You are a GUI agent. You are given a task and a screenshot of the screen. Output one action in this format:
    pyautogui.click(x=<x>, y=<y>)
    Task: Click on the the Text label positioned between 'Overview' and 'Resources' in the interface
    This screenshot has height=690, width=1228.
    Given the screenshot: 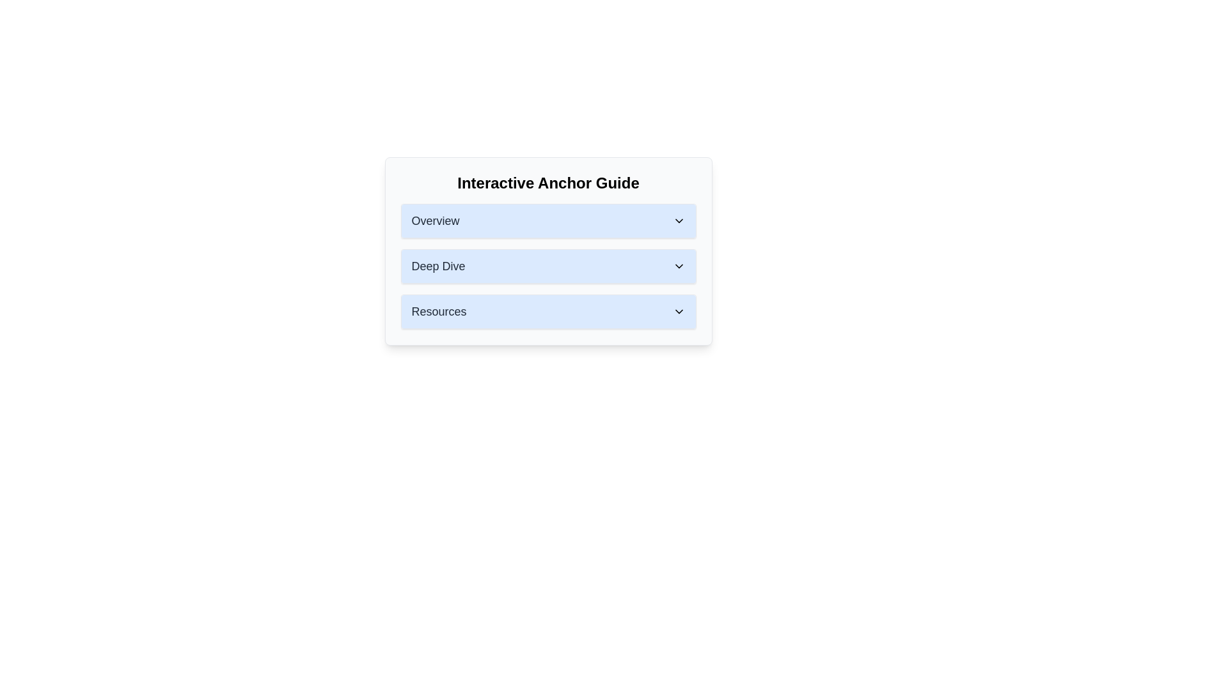 What is the action you would take?
    pyautogui.click(x=438, y=265)
    